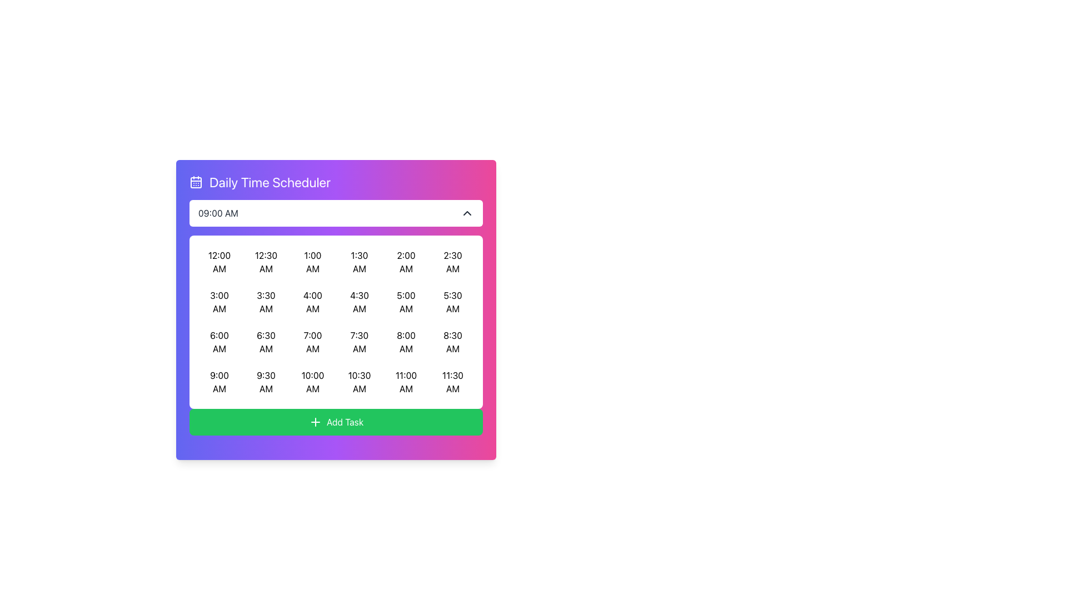 Image resolution: width=1067 pixels, height=600 pixels. I want to click on the button displaying '2:30 AM' to visualize the hover effect, located in the first row and sixth column of the time slots grid, so click(453, 262).